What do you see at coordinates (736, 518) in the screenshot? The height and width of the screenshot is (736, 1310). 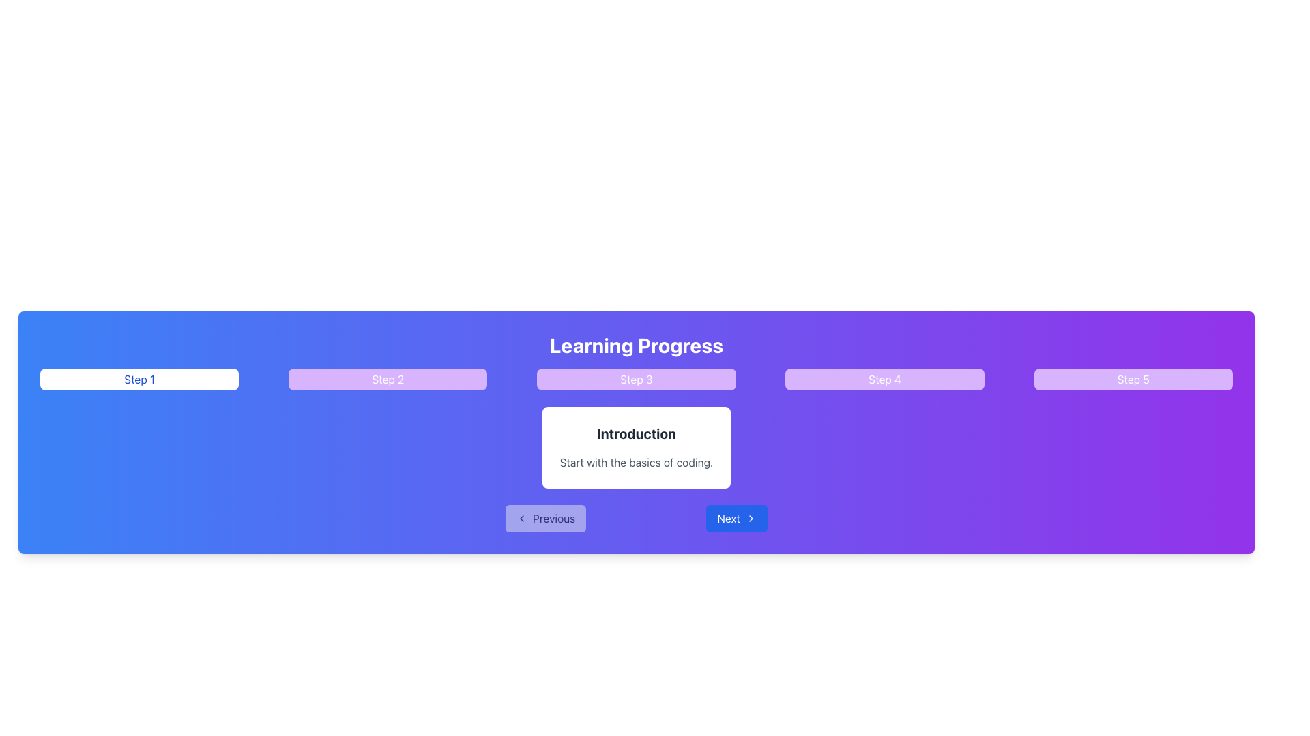 I see `the 'Next' button, which is styled with a blue background, white text, rounded corners, and includes a right arrow icon` at bounding box center [736, 518].